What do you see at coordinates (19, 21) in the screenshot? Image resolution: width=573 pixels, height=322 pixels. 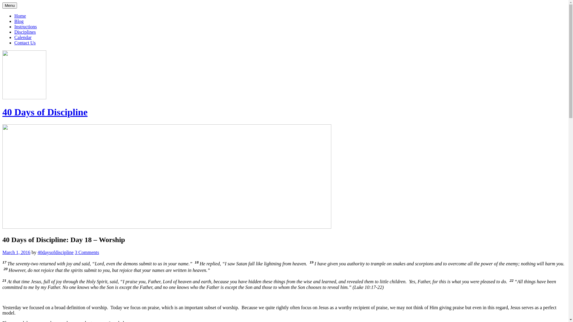 I see `'Blog'` at bounding box center [19, 21].